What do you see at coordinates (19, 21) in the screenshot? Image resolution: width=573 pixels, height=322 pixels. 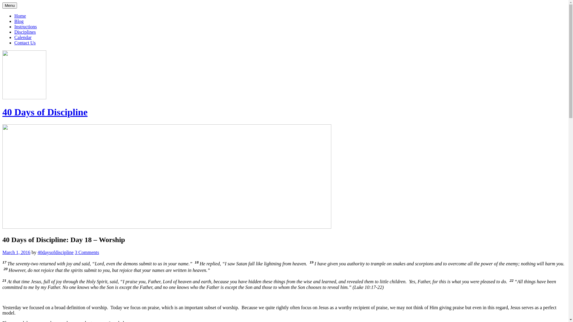 I see `'Blog'` at bounding box center [19, 21].